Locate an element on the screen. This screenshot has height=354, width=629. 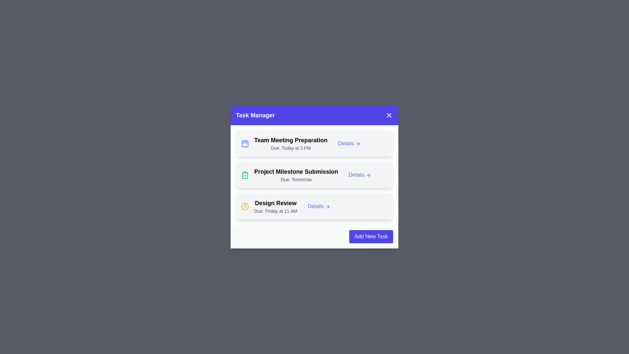
the text element that displays 'Project Milestone Submission' with the due date 'Due: Tomorrow', which is the second task entry in a vertical list of tasks is located at coordinates (295, 174).